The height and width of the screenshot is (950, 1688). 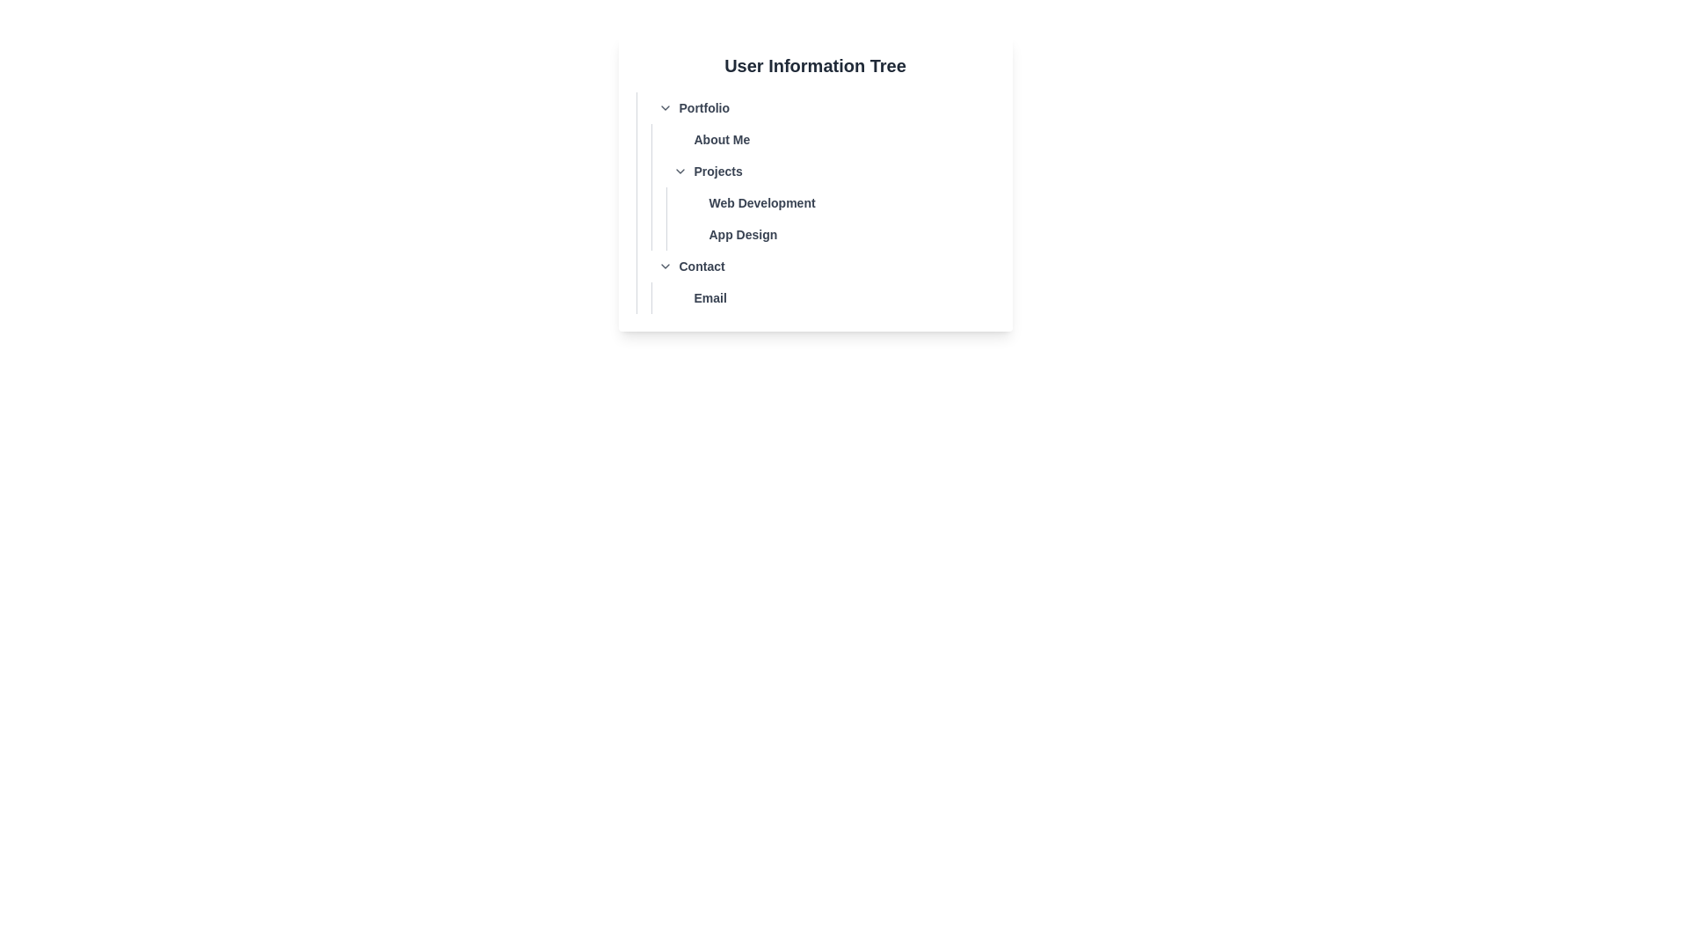 What do you see at coordinates (701, 267) in the screenshot?
I see `the interactive label for the 'Contact' section located in the center-right area of the application` at bounding box center [701, 267].